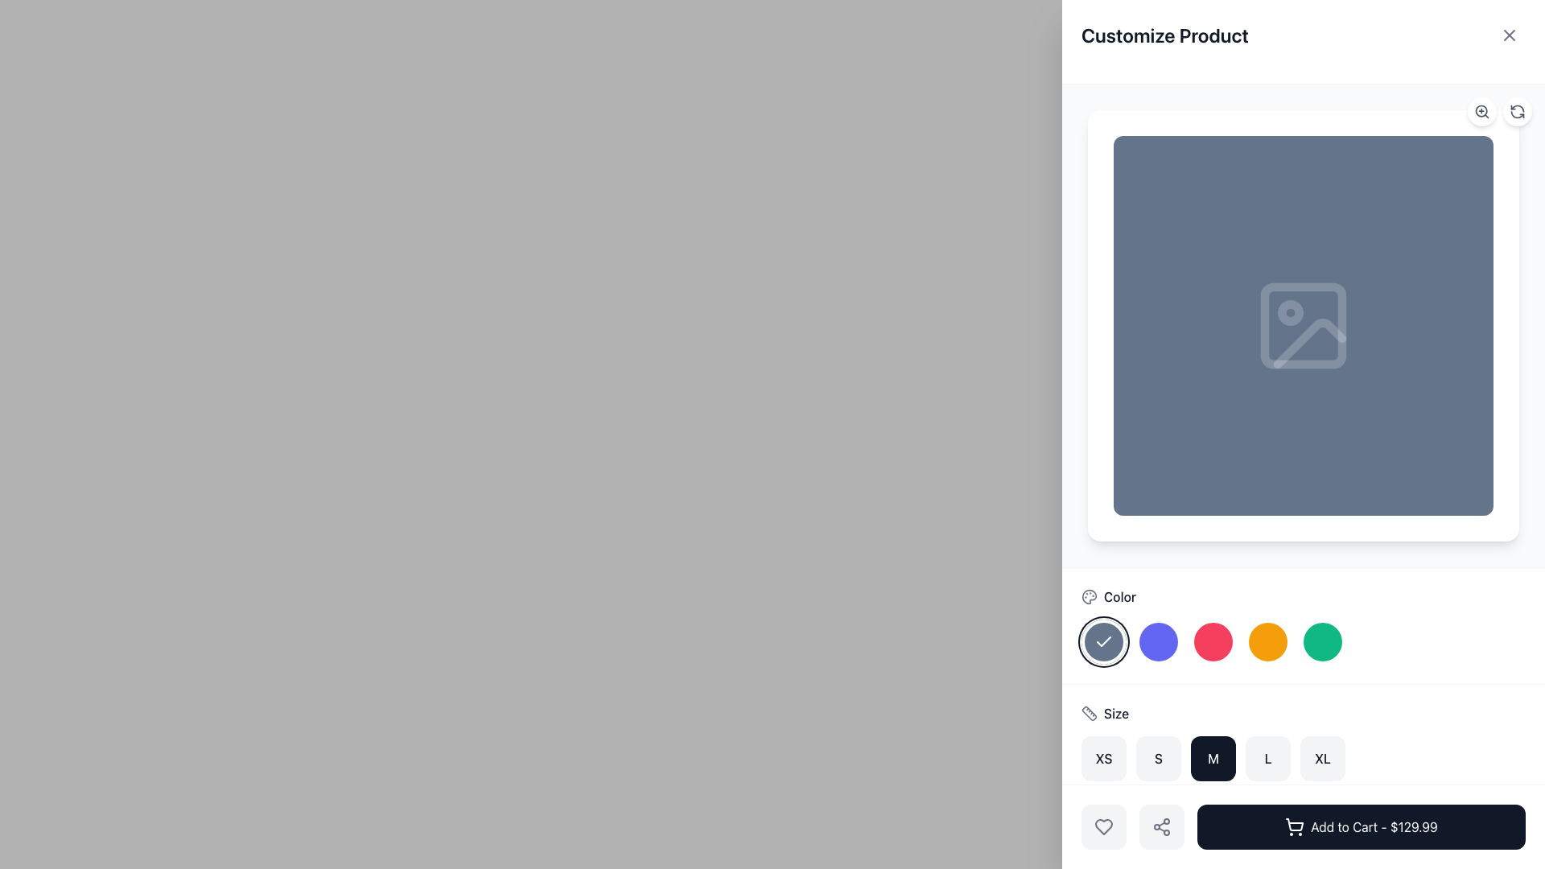 Image resolution: width=1545 pixels, height=869 pixels. I want to click on the circular refresh button in the top-right corner of the 'Customize Product' modal to refresh or reload the content, so click(1517, 110).